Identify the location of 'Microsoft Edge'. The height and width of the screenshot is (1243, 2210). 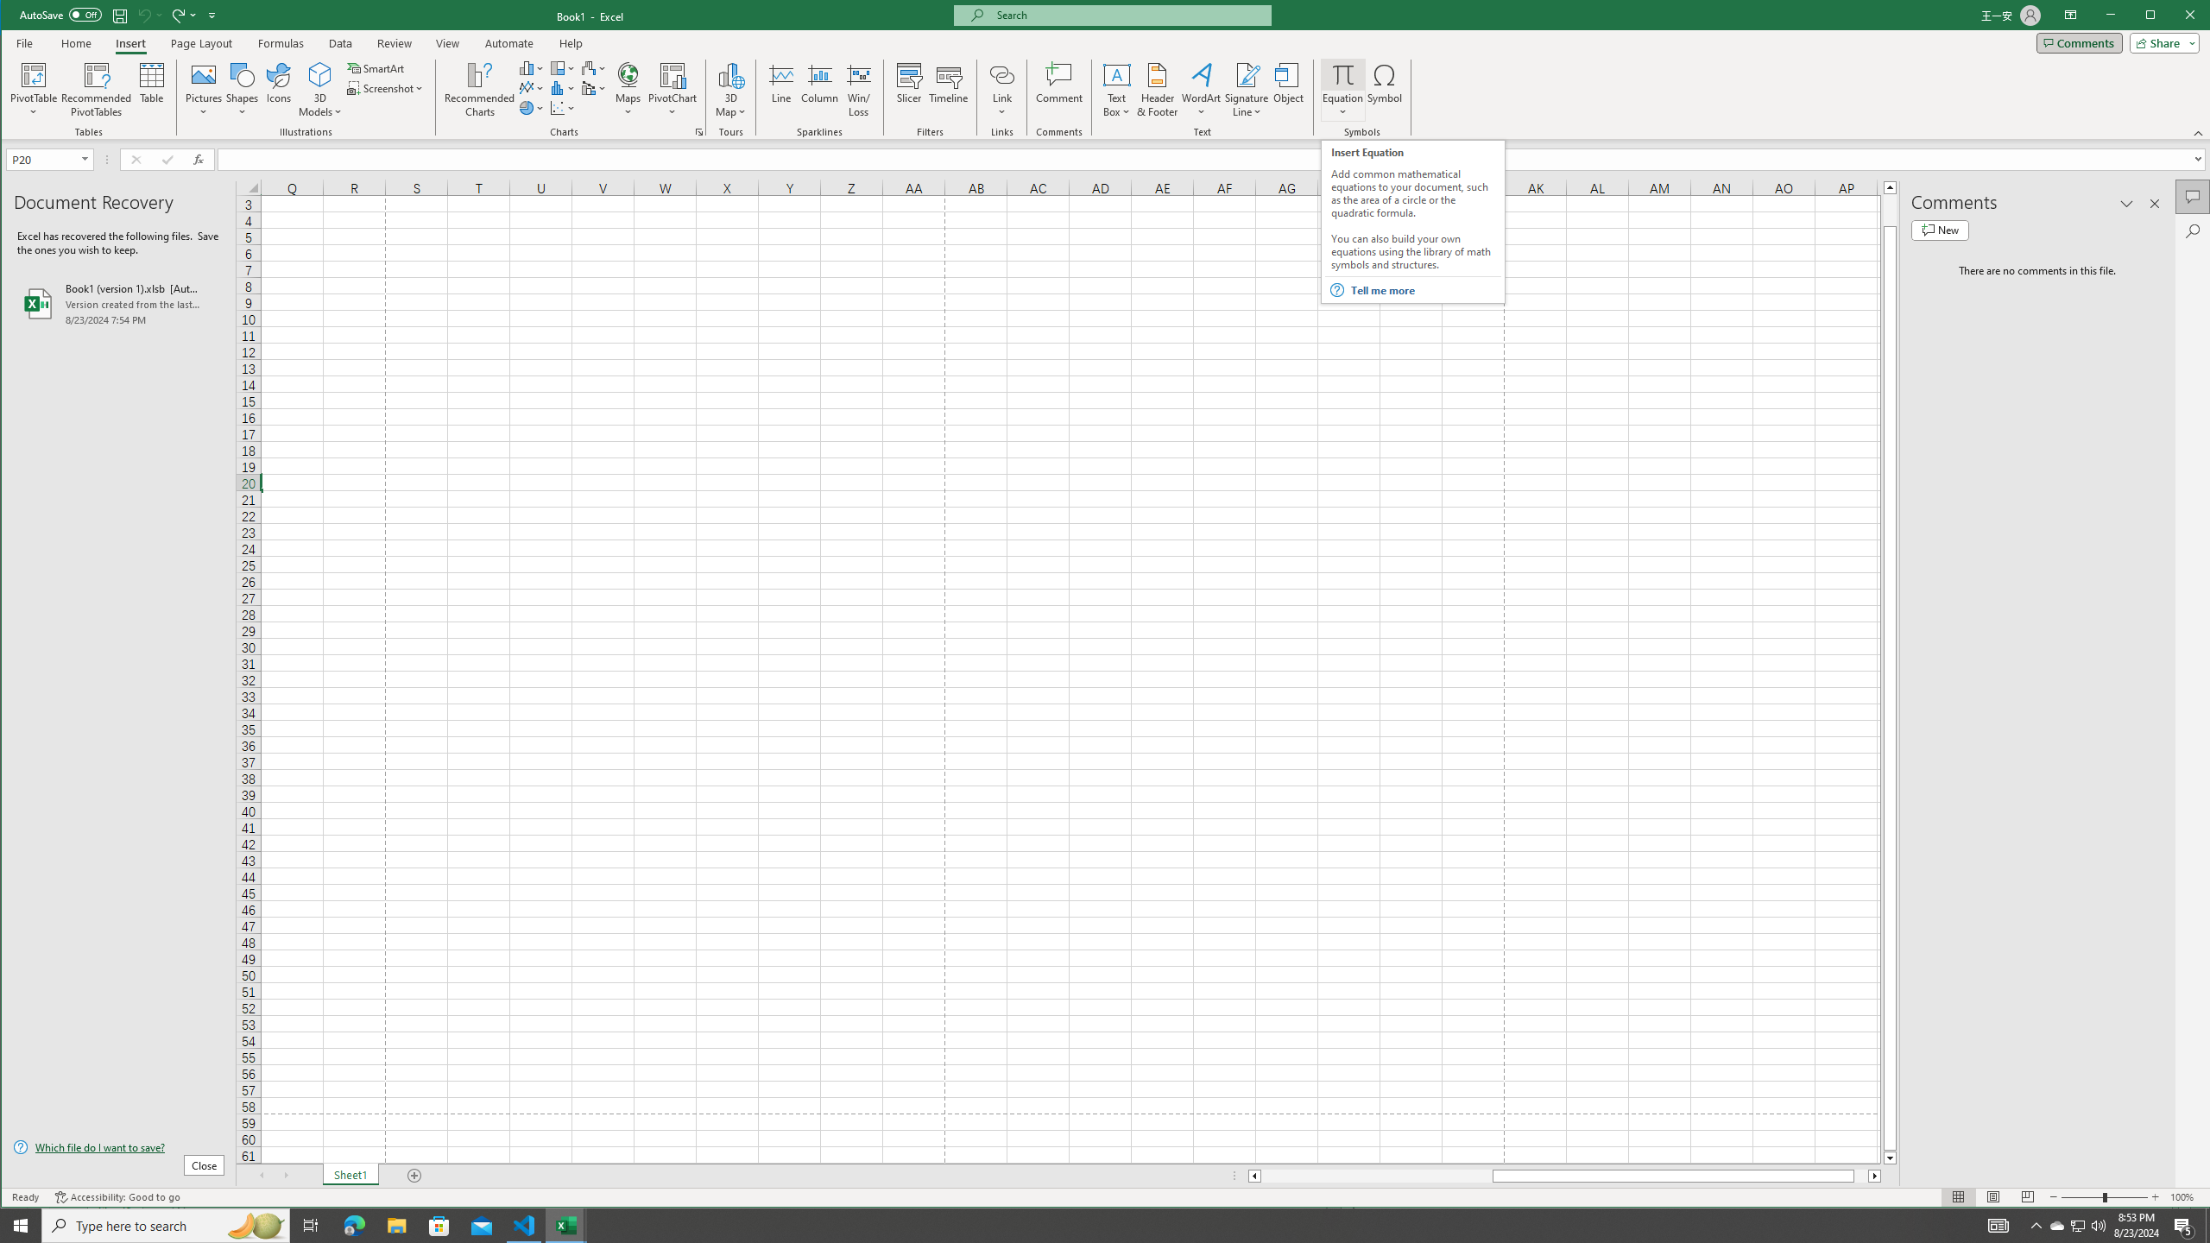
(353, 1224).